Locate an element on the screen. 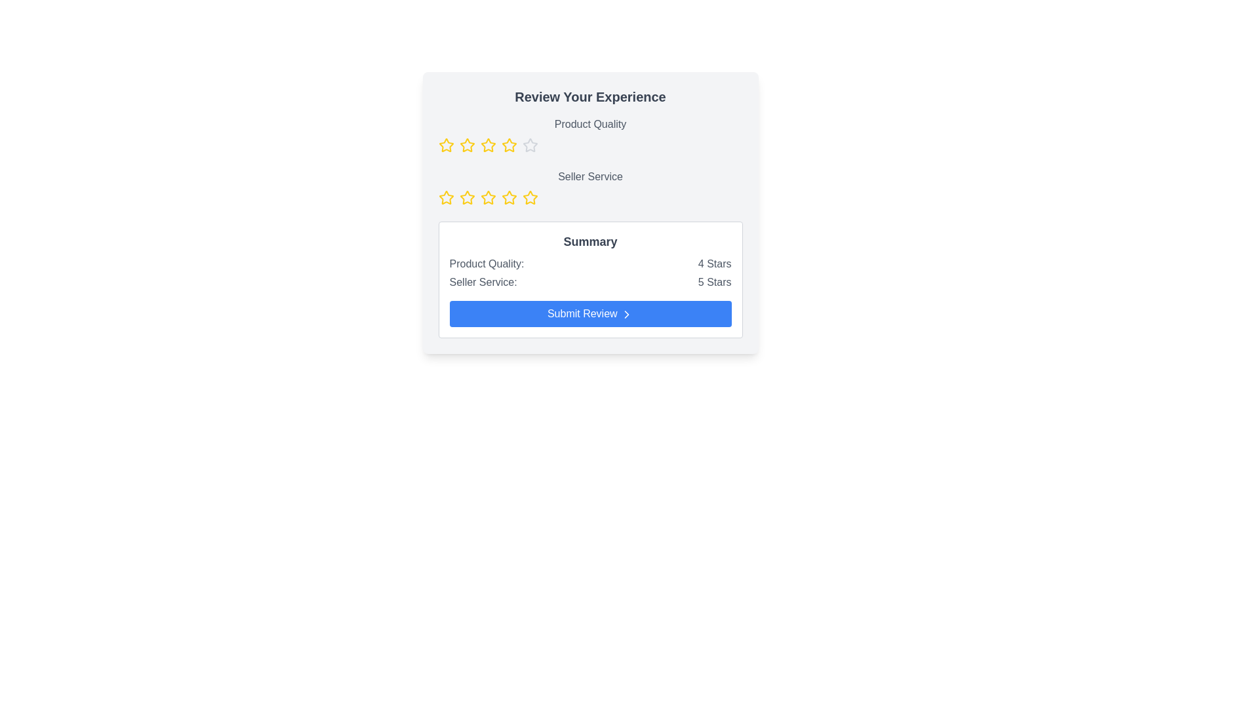  the fourth star in the second row of the rating system under the 'Seller Service' label is located at coordinates (487, 197).